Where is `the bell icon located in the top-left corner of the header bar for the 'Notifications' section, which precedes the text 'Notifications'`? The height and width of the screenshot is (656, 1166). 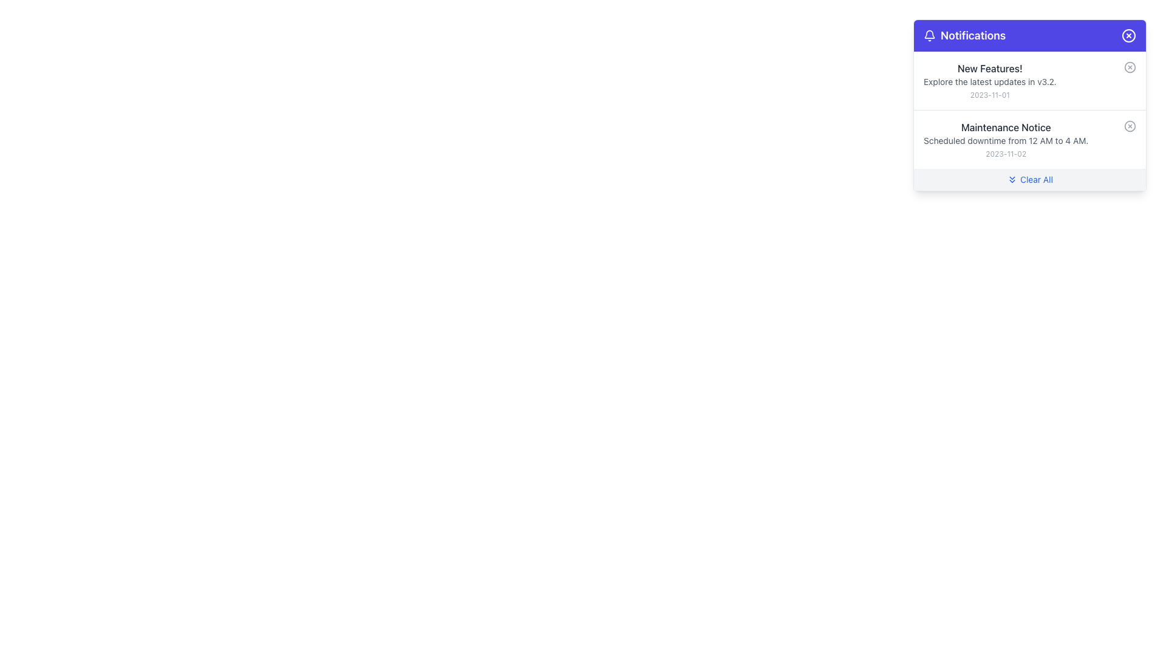
the bell icon located in the top-left corner of the header bar for the 'Notifications' section, which precedes the text 'Notifications' is located at coordinates (929, 35).